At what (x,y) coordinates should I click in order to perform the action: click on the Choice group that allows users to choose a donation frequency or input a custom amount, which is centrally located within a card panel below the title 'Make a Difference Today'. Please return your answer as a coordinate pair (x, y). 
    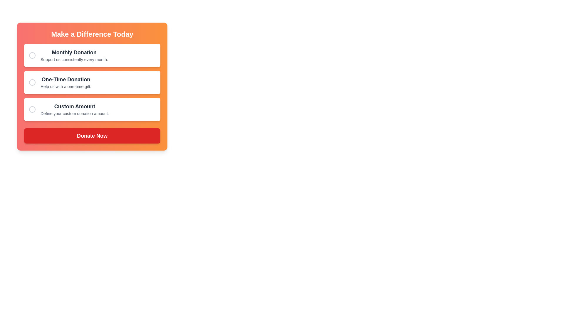
    Looking at the image, I should click on (92, 82).